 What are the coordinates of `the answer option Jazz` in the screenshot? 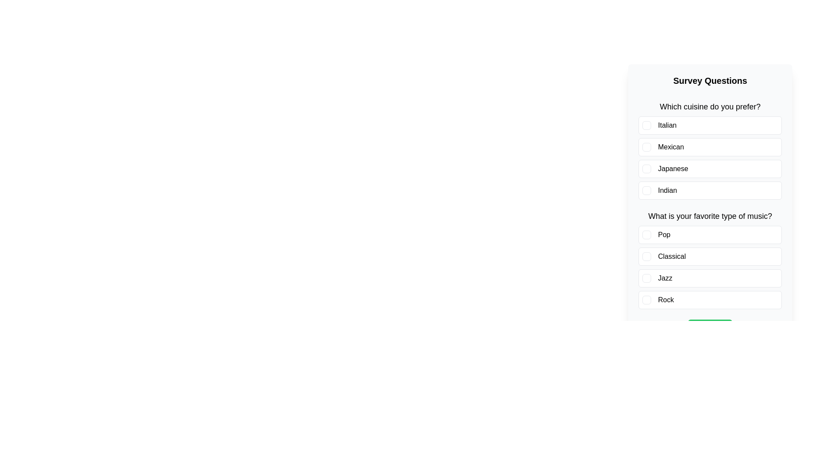 It's located at (710, 278).